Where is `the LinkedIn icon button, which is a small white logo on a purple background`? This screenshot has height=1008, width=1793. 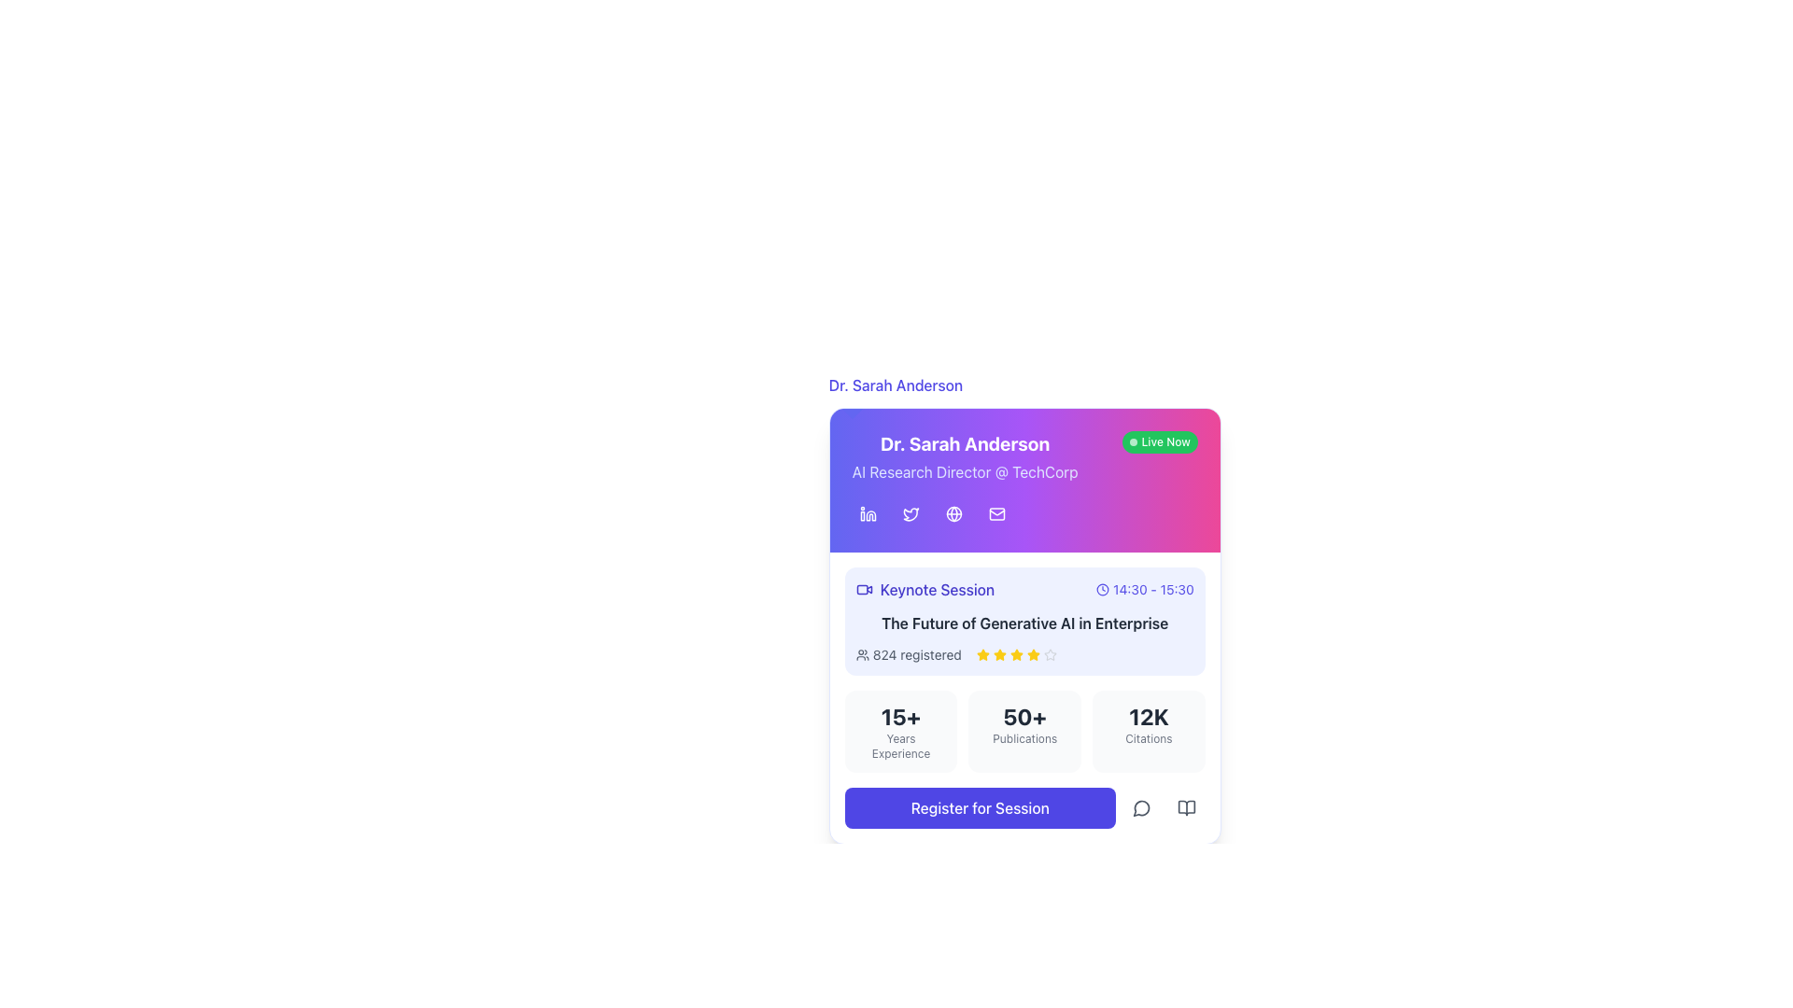
the LinkedIn icon button, which is a small white logo on a purple background is located at coordinates (867, 514).